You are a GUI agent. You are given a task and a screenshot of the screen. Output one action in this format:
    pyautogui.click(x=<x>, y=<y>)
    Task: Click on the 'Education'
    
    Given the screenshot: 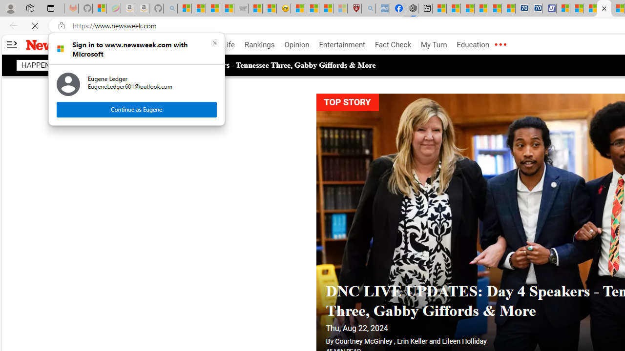 What is the action you would take?
    pyautogui.click(x=473, y=45)
    